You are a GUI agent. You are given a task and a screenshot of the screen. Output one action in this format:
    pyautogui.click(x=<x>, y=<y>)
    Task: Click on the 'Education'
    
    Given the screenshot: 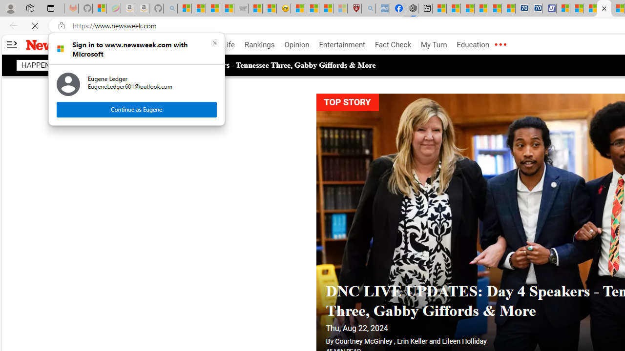 What is the action you would take?
    pyautogui.click(x=473, y=45)
    